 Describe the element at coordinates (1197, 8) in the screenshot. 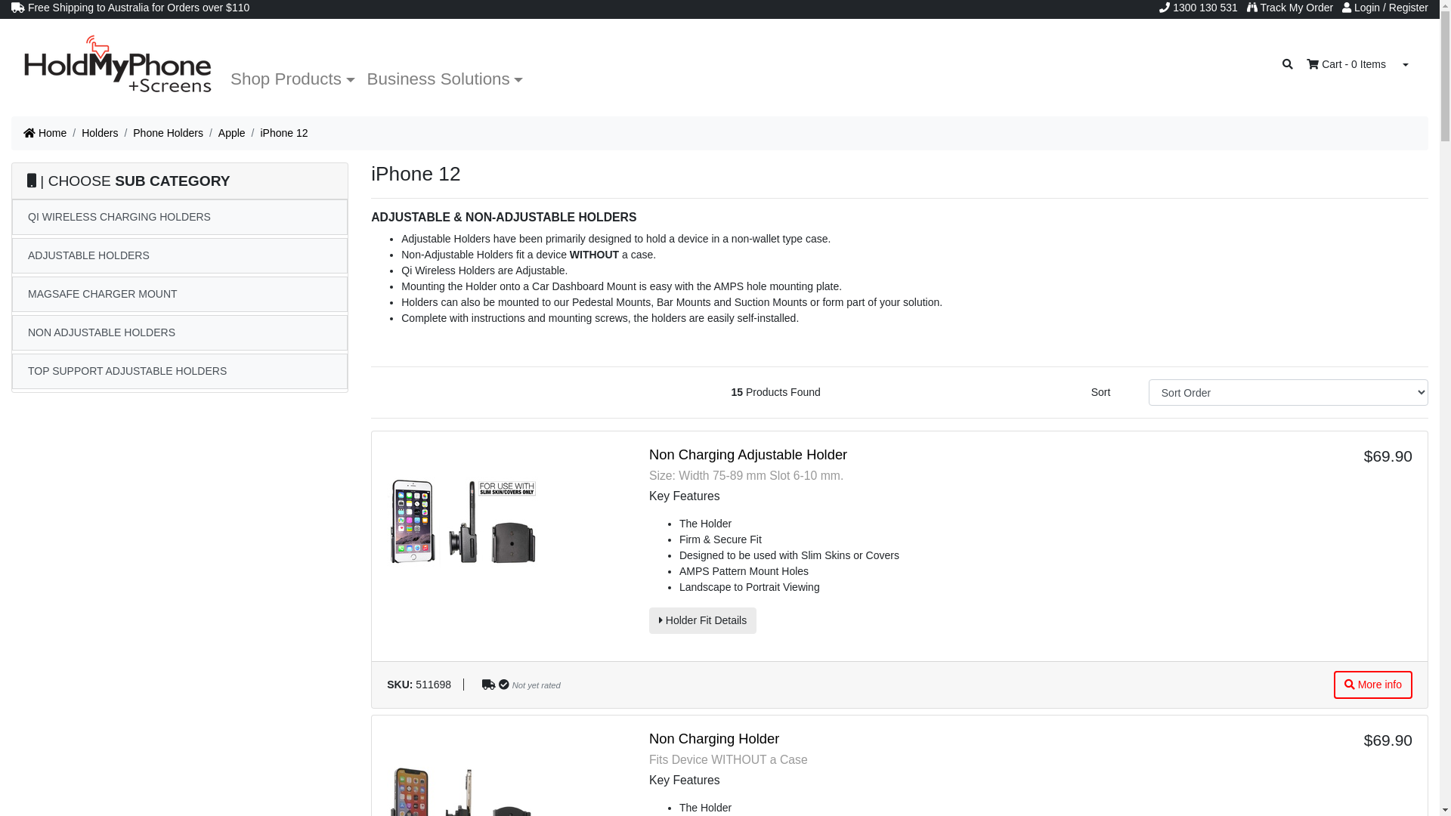

I see `'1300 130 531'` at that location.